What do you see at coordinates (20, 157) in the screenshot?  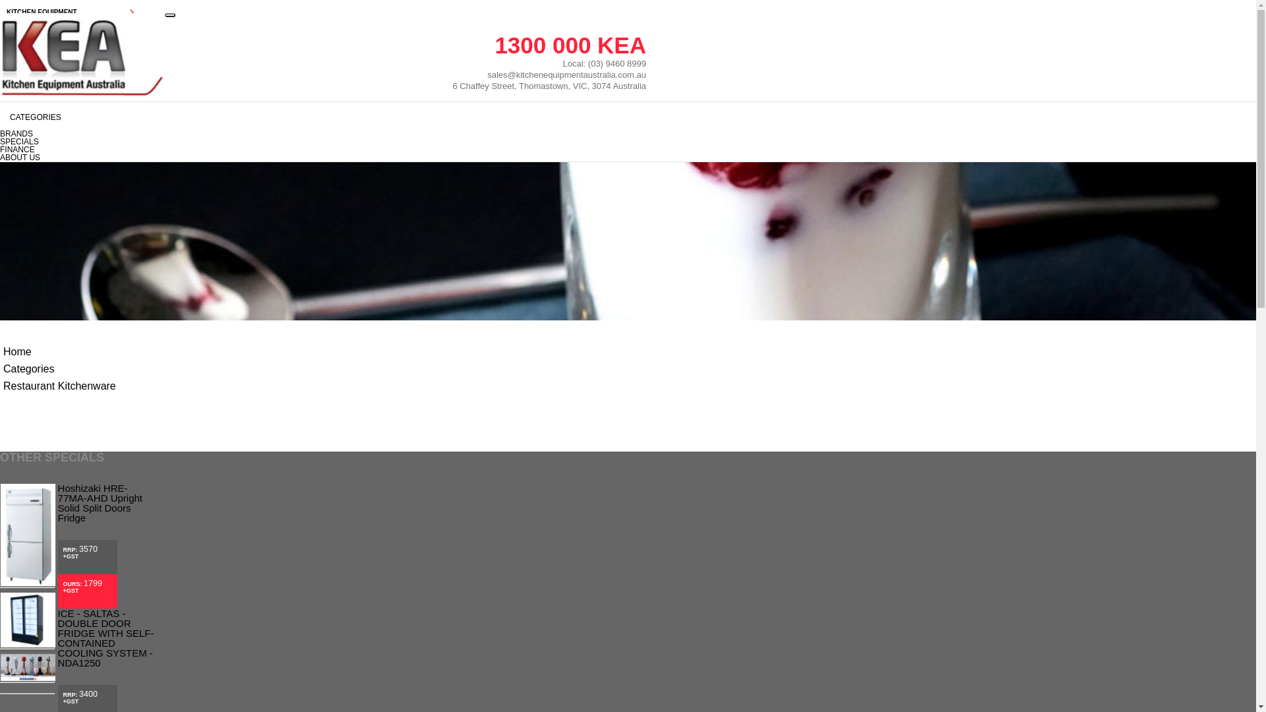 I see `'ABOUT US'` at bounding box center [20, 157].